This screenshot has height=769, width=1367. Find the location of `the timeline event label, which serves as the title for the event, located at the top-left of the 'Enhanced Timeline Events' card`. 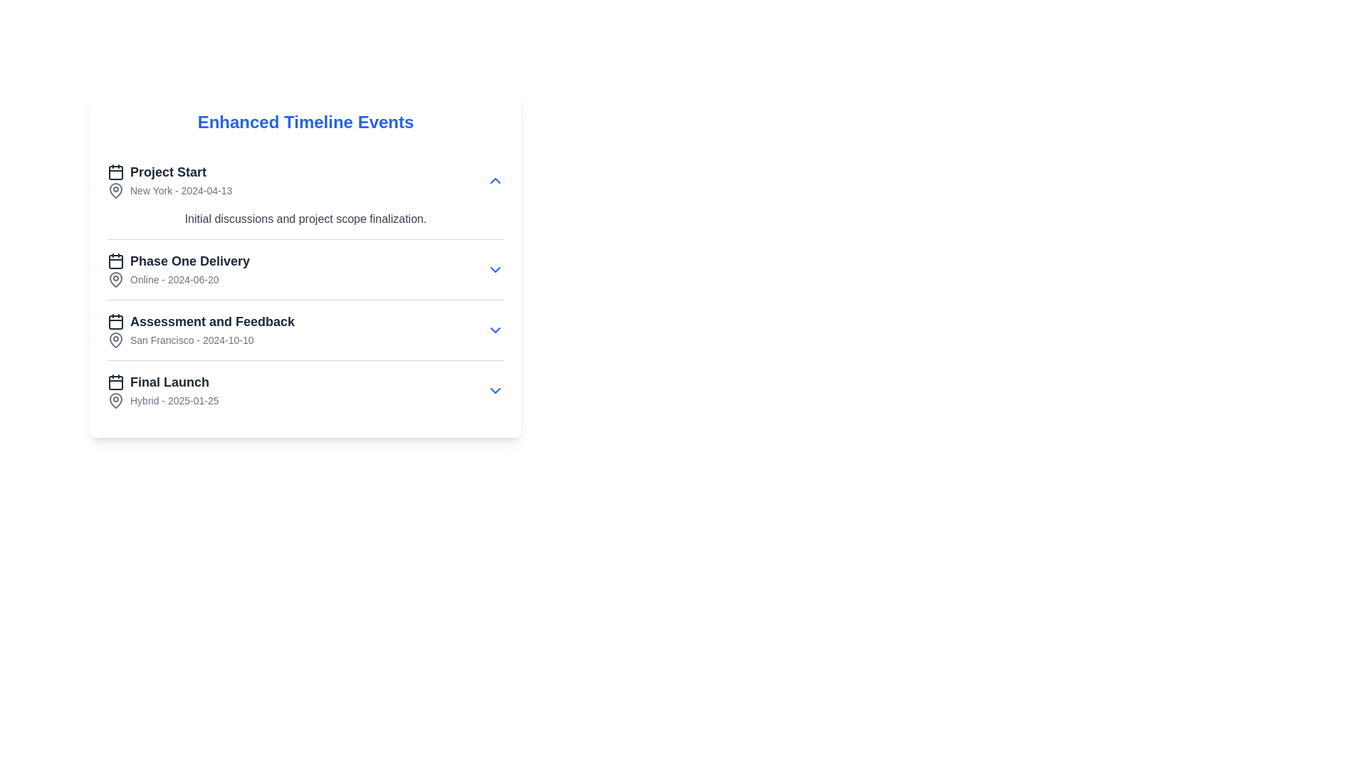

the timeline event label, which serves as the title for the event, located at the top-left of the 'Enhanced Timeline Events' card is located at coordinates (169, 172).